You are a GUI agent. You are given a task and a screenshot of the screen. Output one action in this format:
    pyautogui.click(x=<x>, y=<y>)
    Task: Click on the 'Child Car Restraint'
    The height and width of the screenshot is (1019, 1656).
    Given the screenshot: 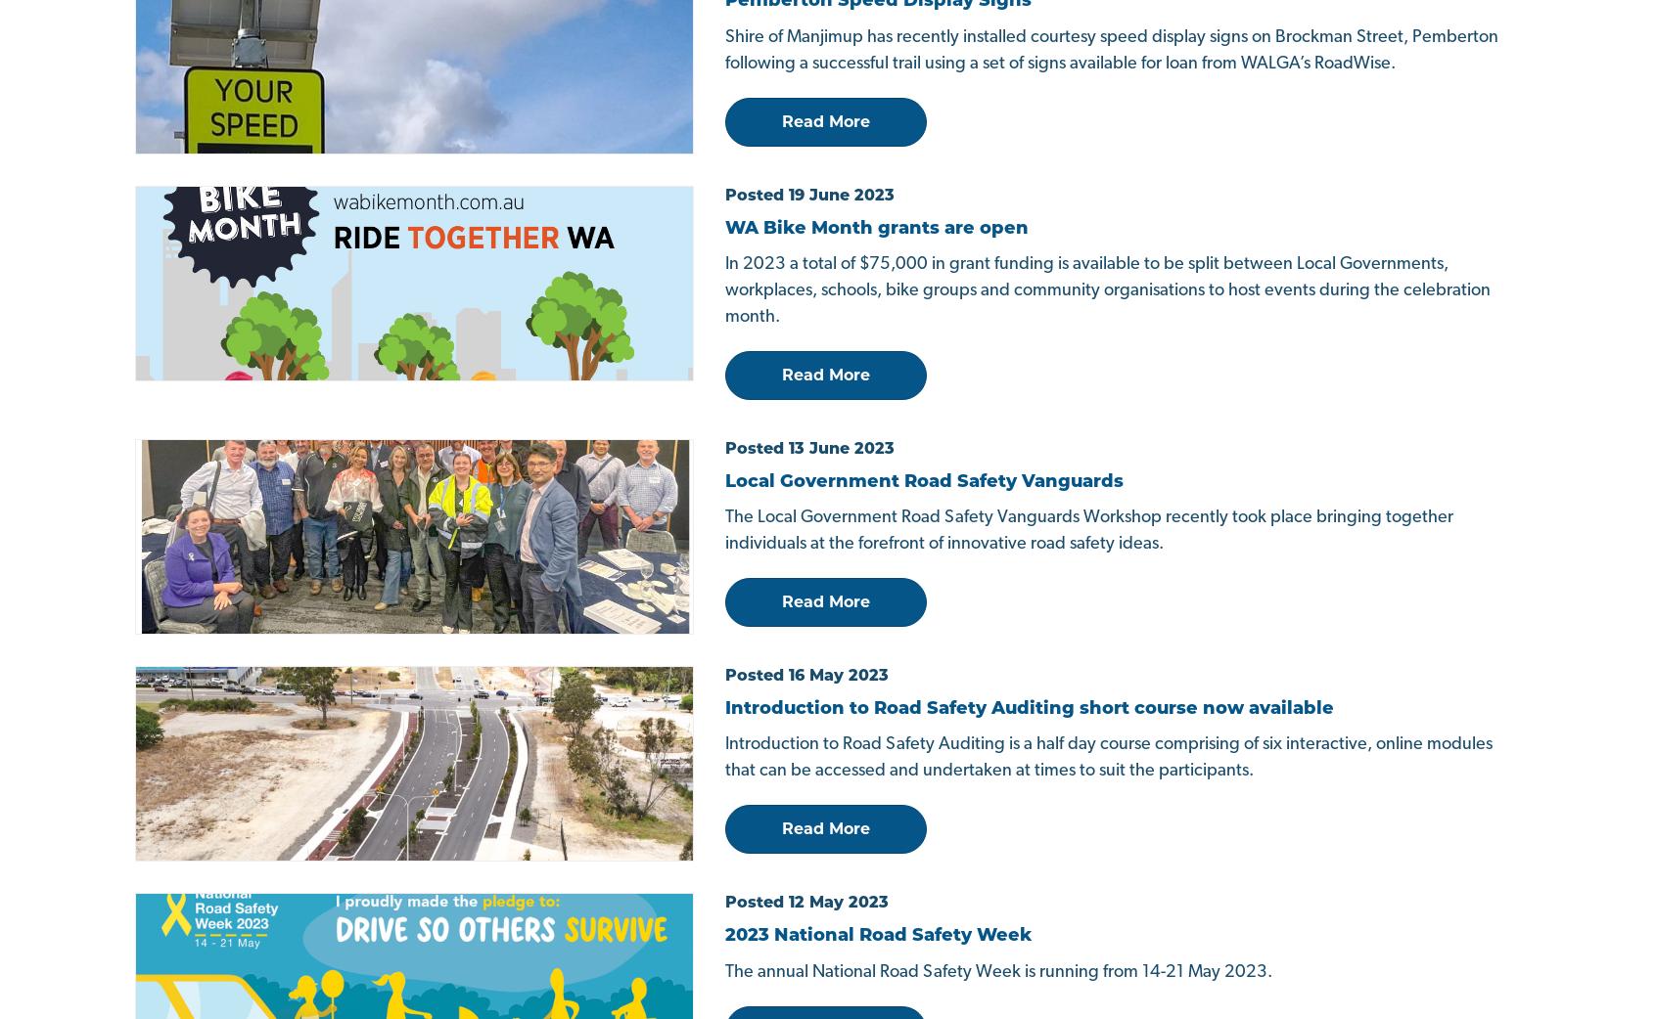 What is the action you would take?
    pyautogui.click(x=565, y=696)
    